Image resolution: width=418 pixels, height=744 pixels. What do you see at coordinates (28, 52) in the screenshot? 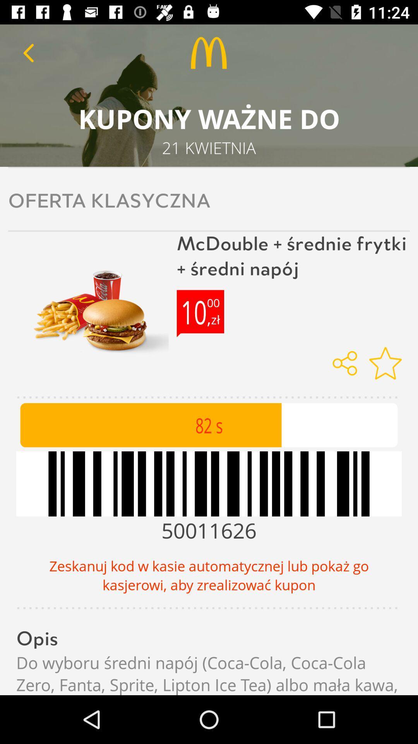
I see `type the message` at bounding box center [28, 52].